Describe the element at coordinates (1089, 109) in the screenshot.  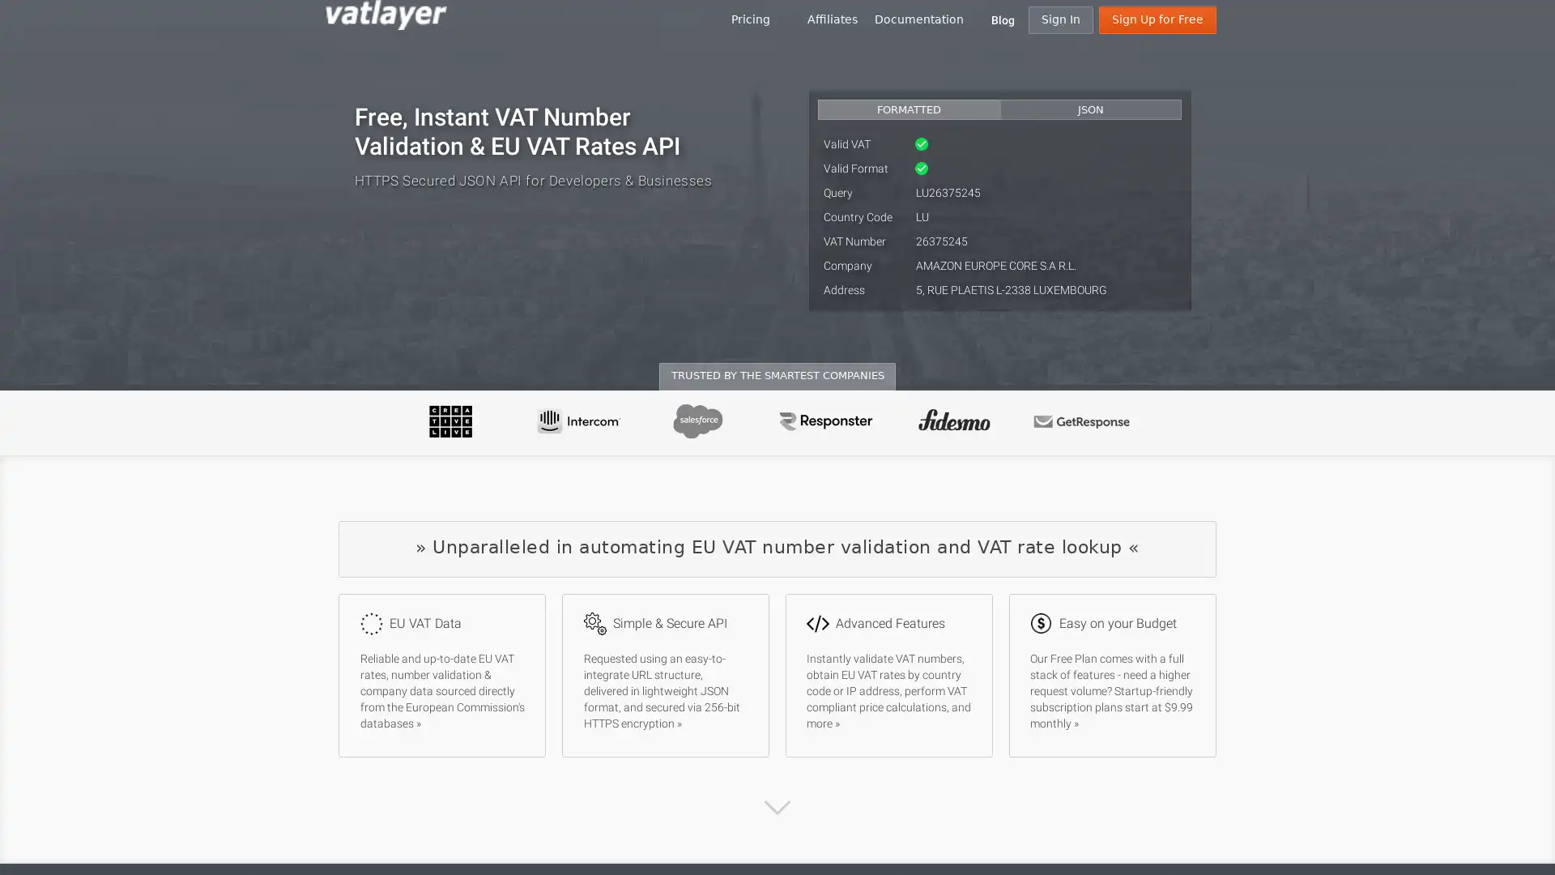
I see `JSON` at that location.